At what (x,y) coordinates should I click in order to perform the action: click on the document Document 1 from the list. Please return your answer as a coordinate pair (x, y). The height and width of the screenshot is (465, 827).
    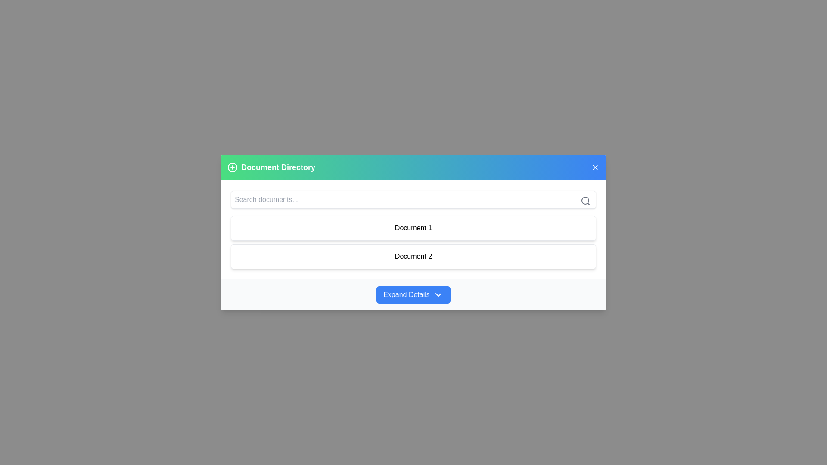
    Looking at the image, I should click on (413, 227).